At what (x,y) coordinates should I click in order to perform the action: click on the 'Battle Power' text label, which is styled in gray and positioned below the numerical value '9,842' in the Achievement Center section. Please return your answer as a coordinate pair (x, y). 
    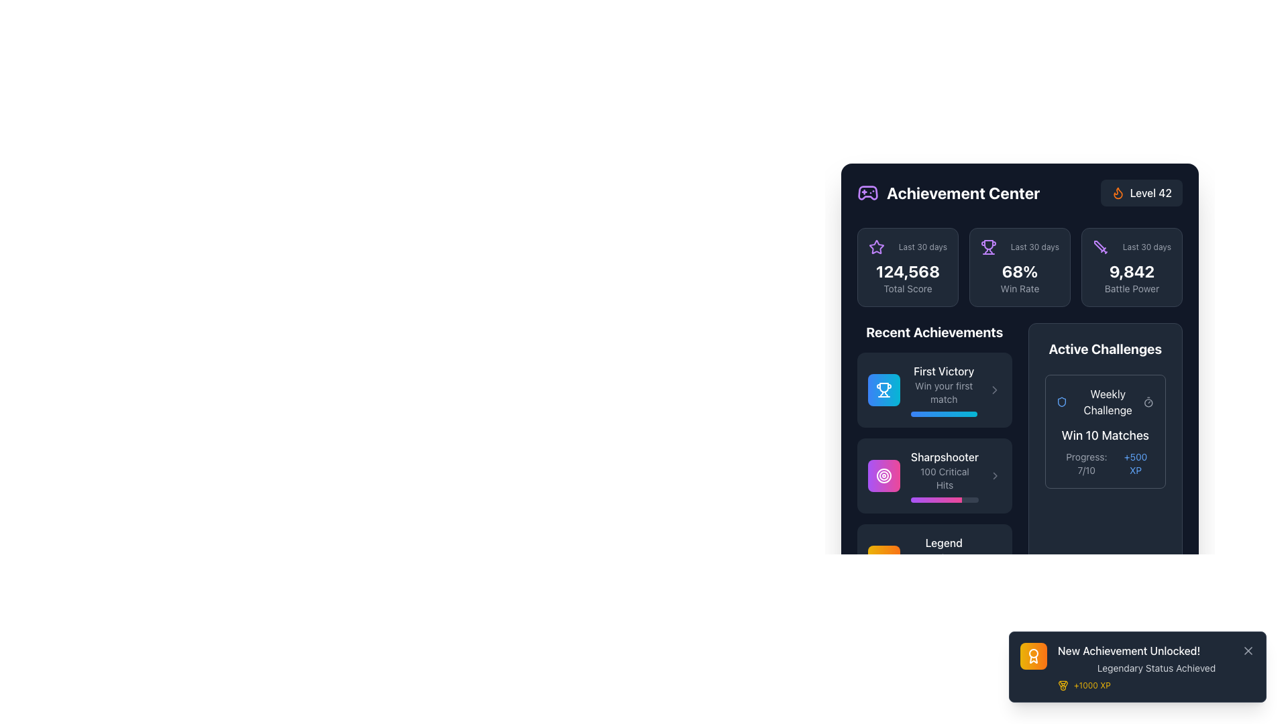
    Looking at the image, I should click on (1131, 288).